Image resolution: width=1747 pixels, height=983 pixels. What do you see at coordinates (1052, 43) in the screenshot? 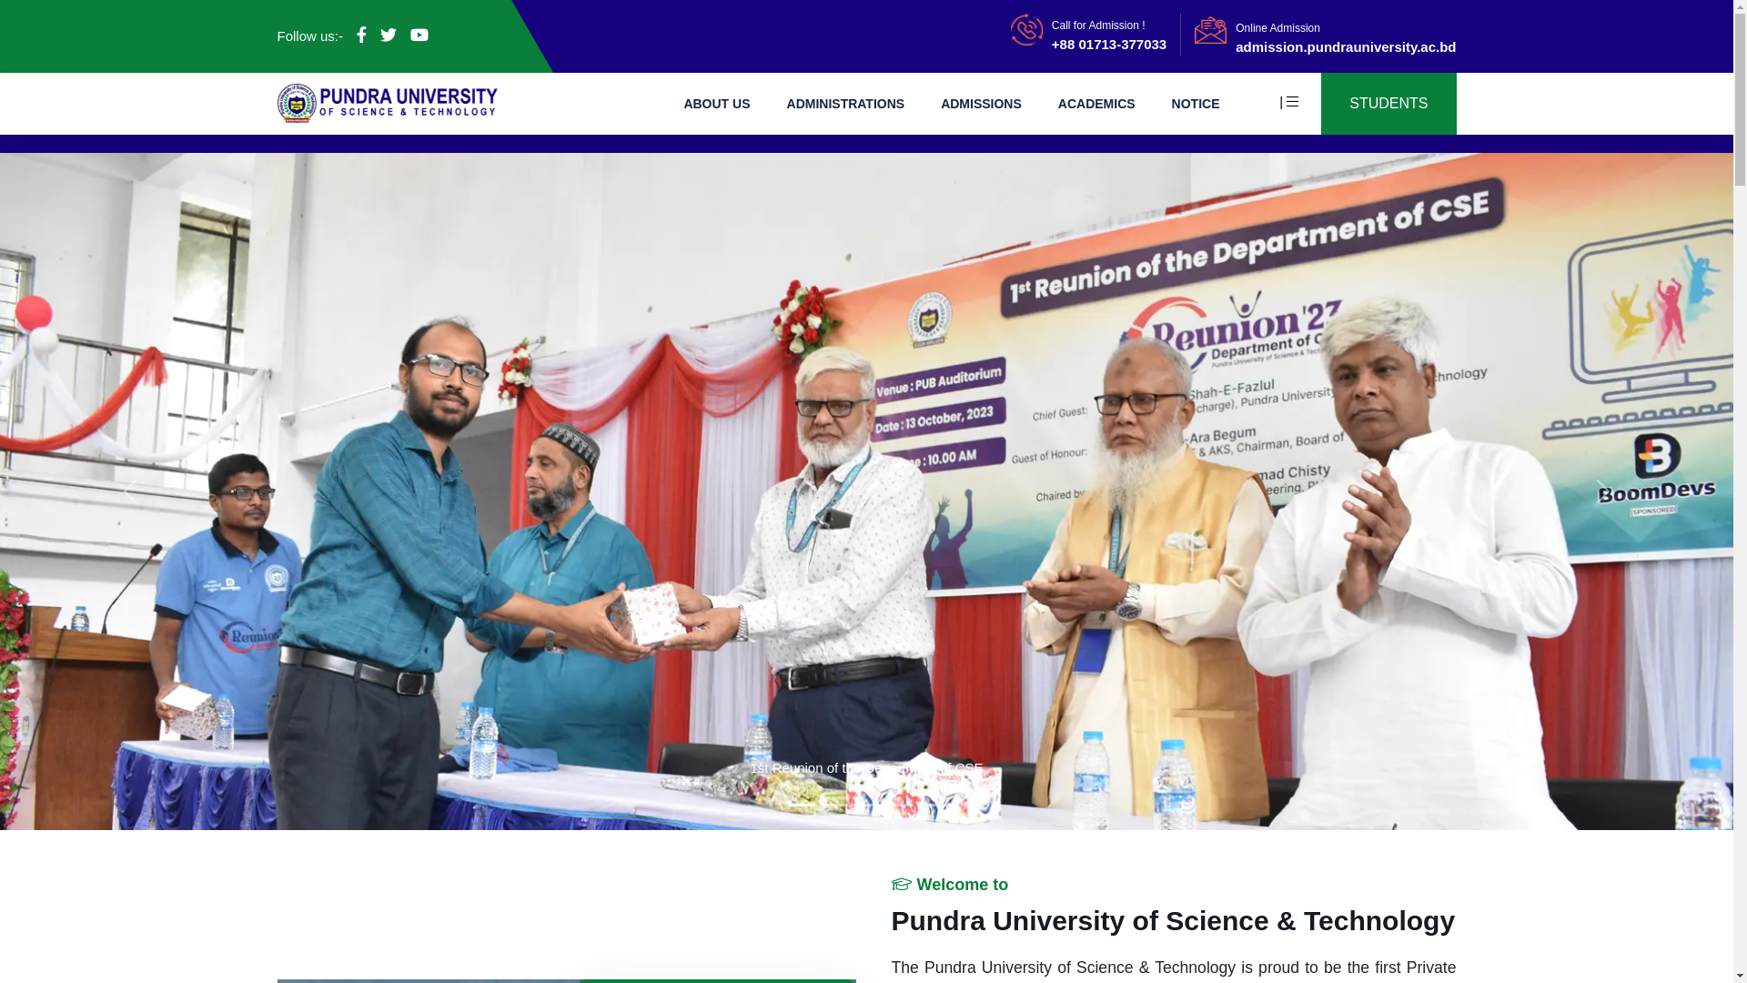
I see `'+88 01713-377033'` at bounding box center [1052, 43].